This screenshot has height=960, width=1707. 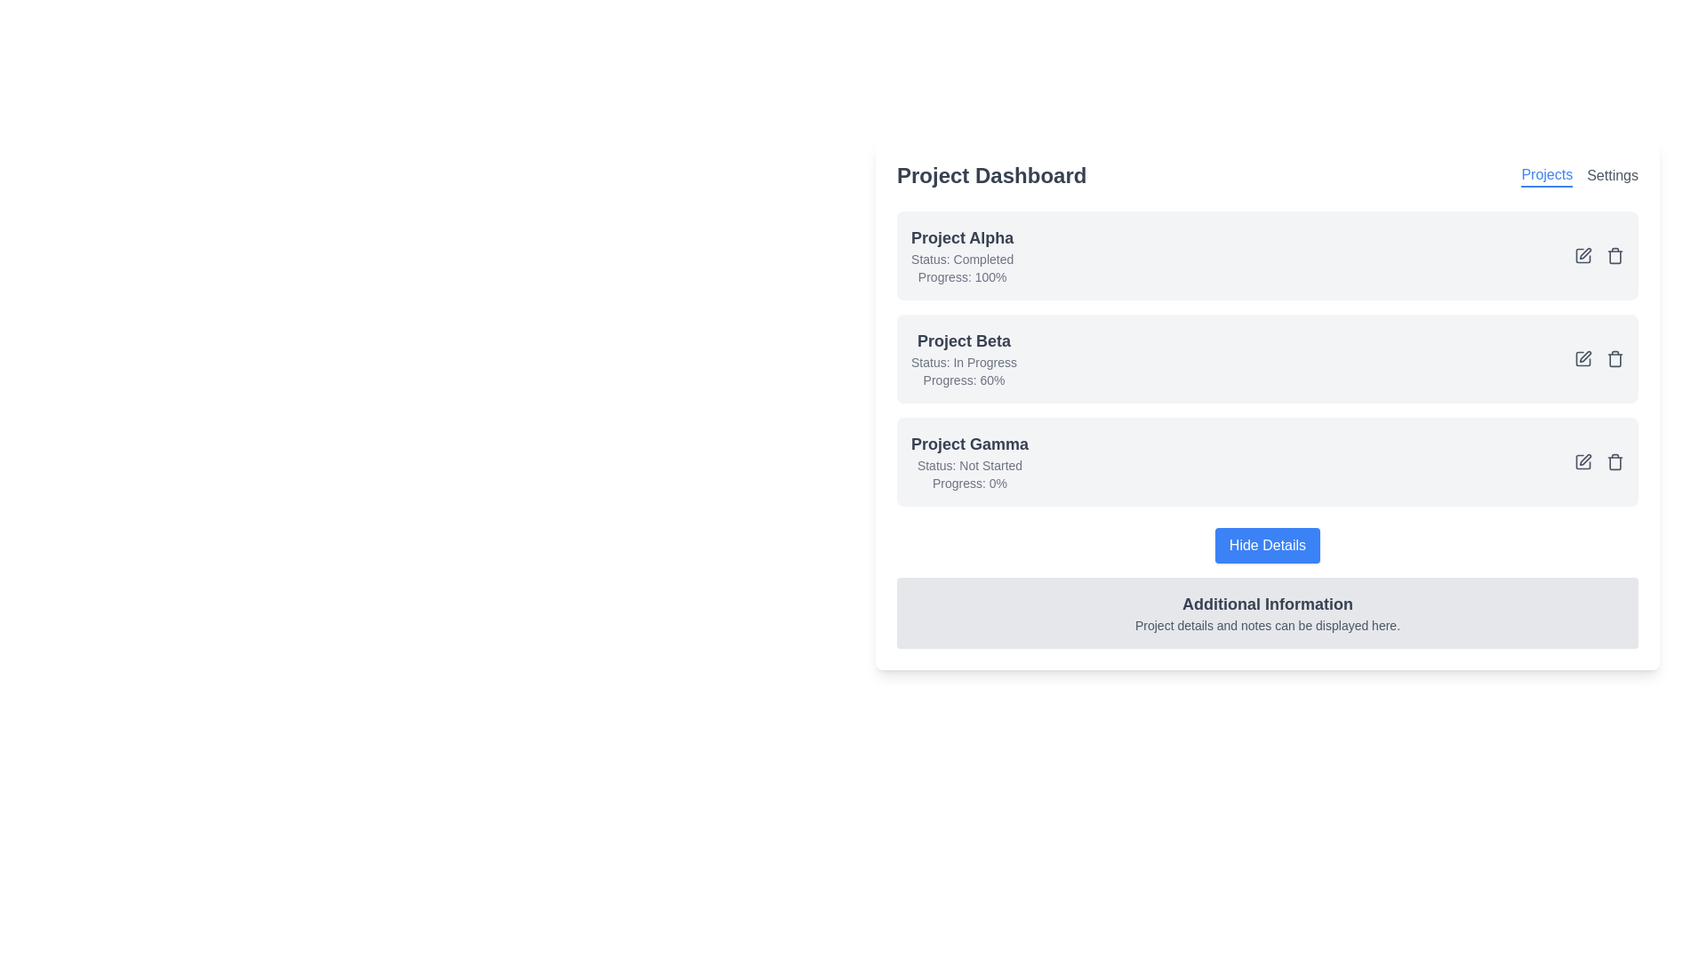 I want to click on the text label displaying 'Status: Not Started' located in the 'Project Gamma' section of the 'Project Dashboard', so click(x=968, y=465).